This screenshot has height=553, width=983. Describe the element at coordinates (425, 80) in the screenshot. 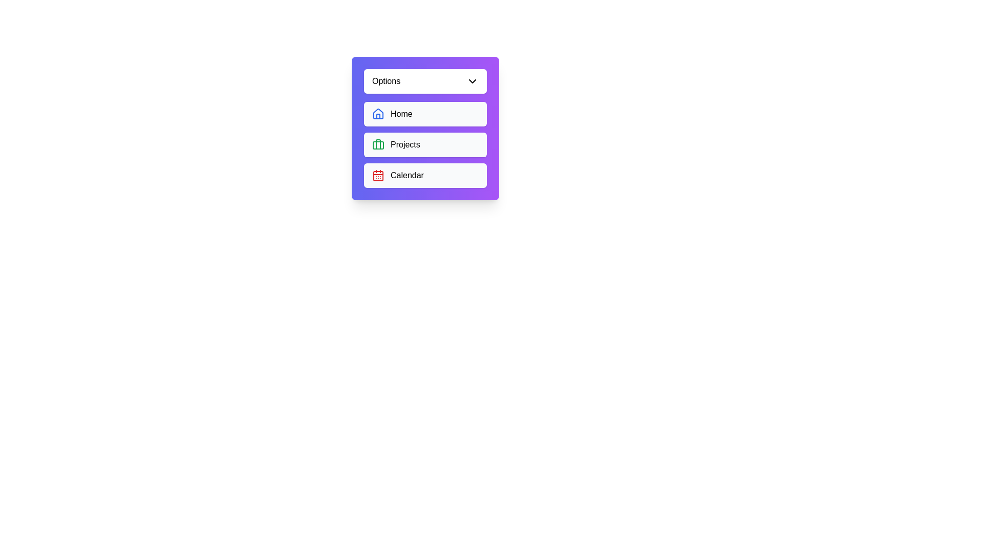

I see `Options button to toggle the visibility of the menu options` at that location.